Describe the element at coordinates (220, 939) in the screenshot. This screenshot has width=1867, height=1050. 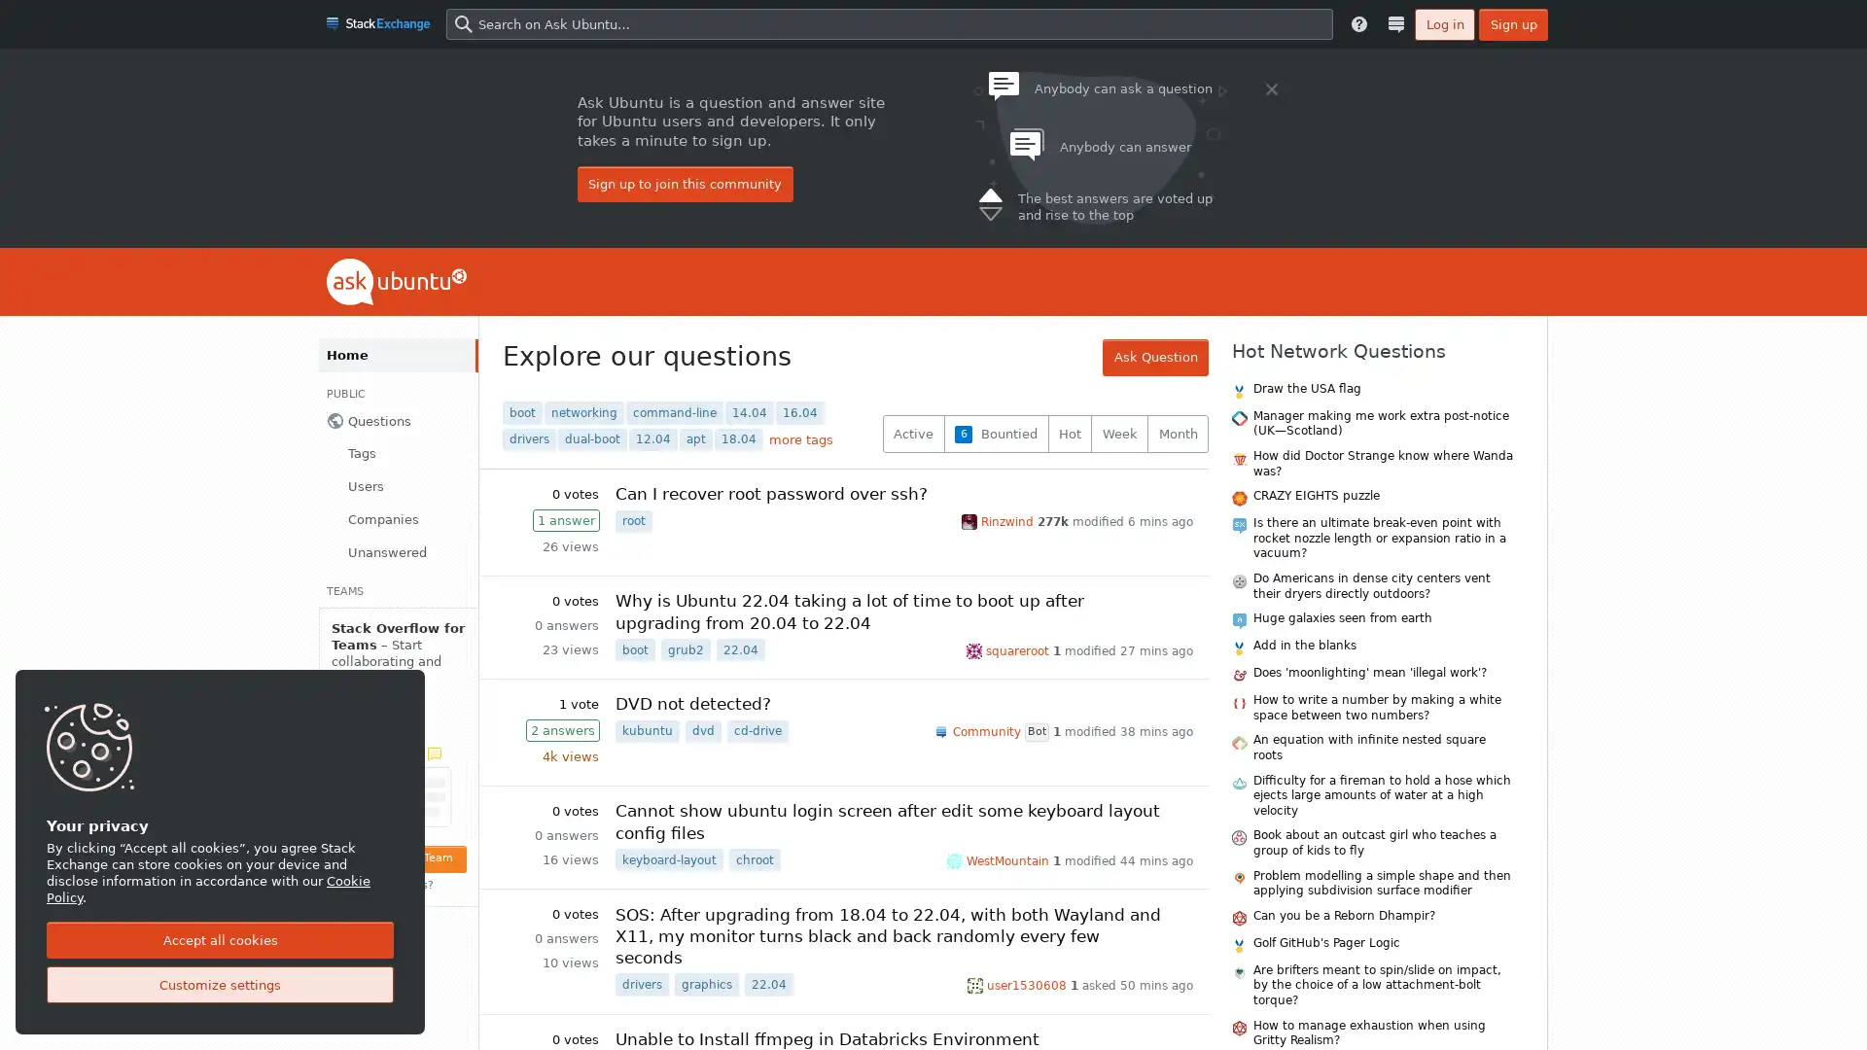
I see `Accept all cookies` at that location.